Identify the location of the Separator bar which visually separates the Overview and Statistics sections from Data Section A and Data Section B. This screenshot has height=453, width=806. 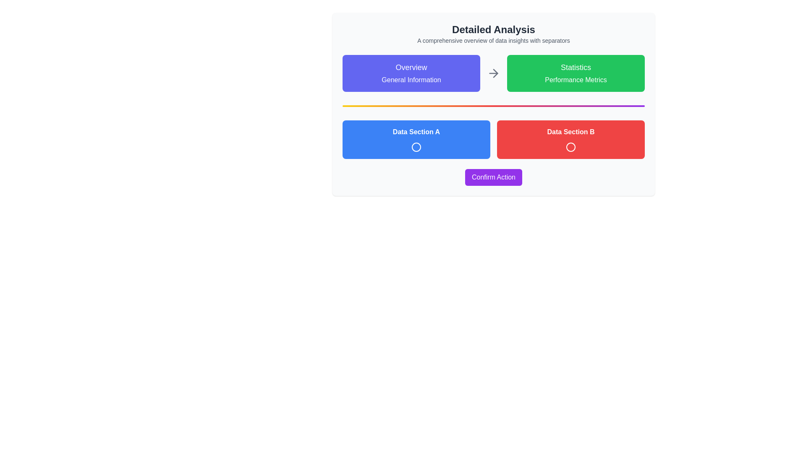
(494, 106).